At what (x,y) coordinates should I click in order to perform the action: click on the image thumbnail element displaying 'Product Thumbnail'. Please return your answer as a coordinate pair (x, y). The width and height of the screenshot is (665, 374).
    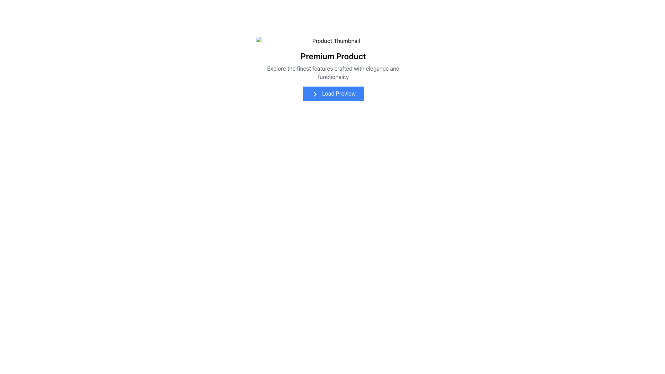
    Looking at the image, I should click on (333, 41).